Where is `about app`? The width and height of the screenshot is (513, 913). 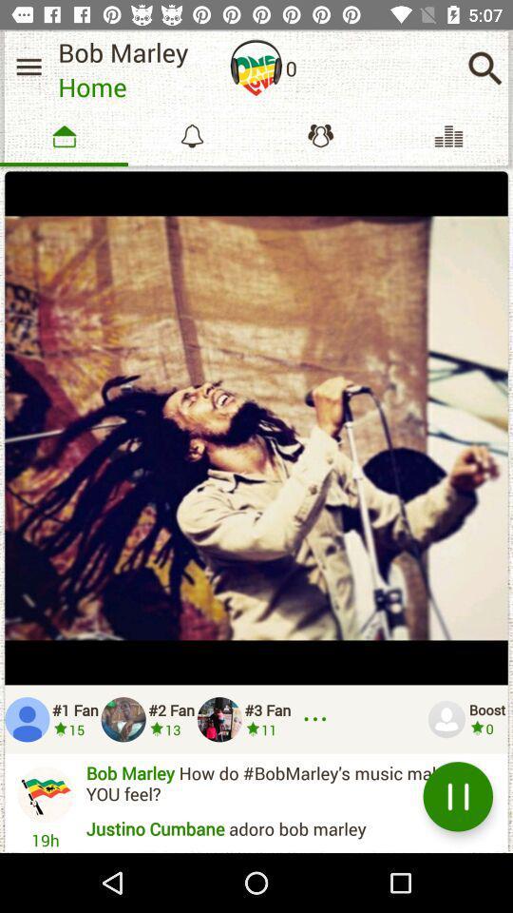
about app is located at coordinates (256, 68).